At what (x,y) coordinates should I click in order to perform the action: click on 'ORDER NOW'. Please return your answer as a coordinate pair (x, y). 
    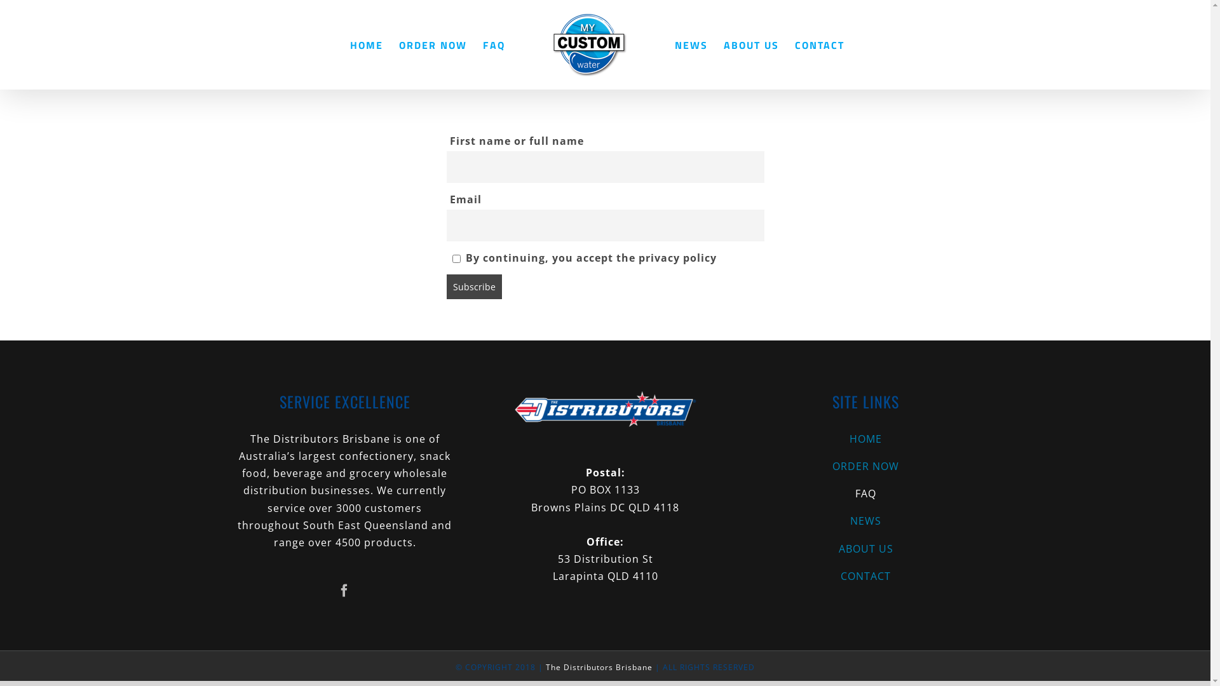
    Looking at the image, I should click on (433, 44).